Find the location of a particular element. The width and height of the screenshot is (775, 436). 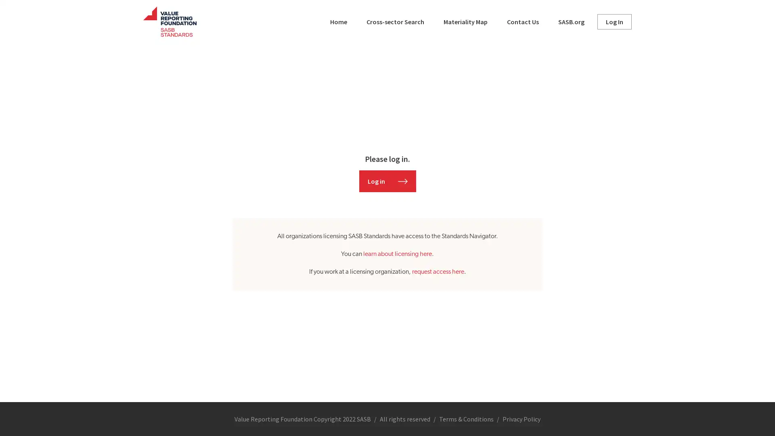

Log in is located at coordinates (387, 180).